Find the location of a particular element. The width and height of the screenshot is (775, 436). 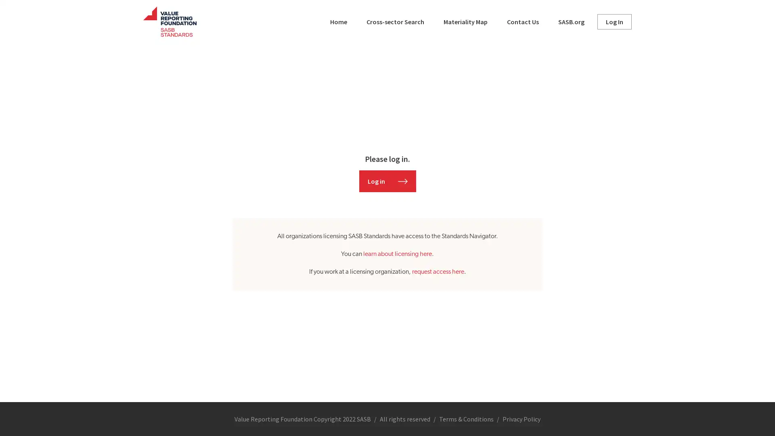

Log in is located at coordinates (387, 180).